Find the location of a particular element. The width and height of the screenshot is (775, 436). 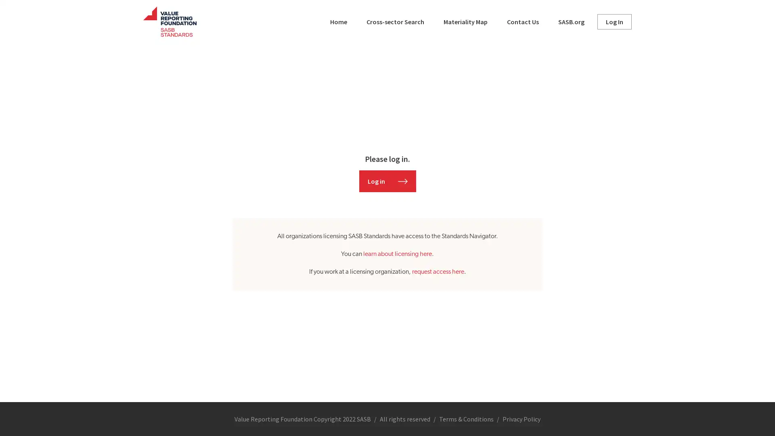

Log in is located at coordinates (387, 180).